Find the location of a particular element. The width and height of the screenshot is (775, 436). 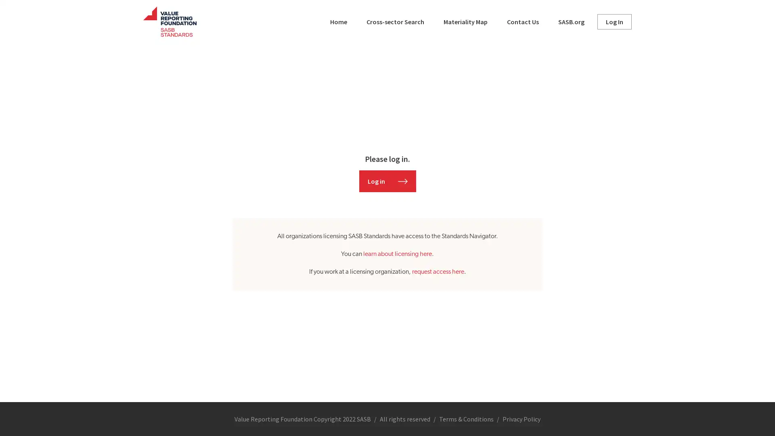

Log in is located at coordinates (387, 180).